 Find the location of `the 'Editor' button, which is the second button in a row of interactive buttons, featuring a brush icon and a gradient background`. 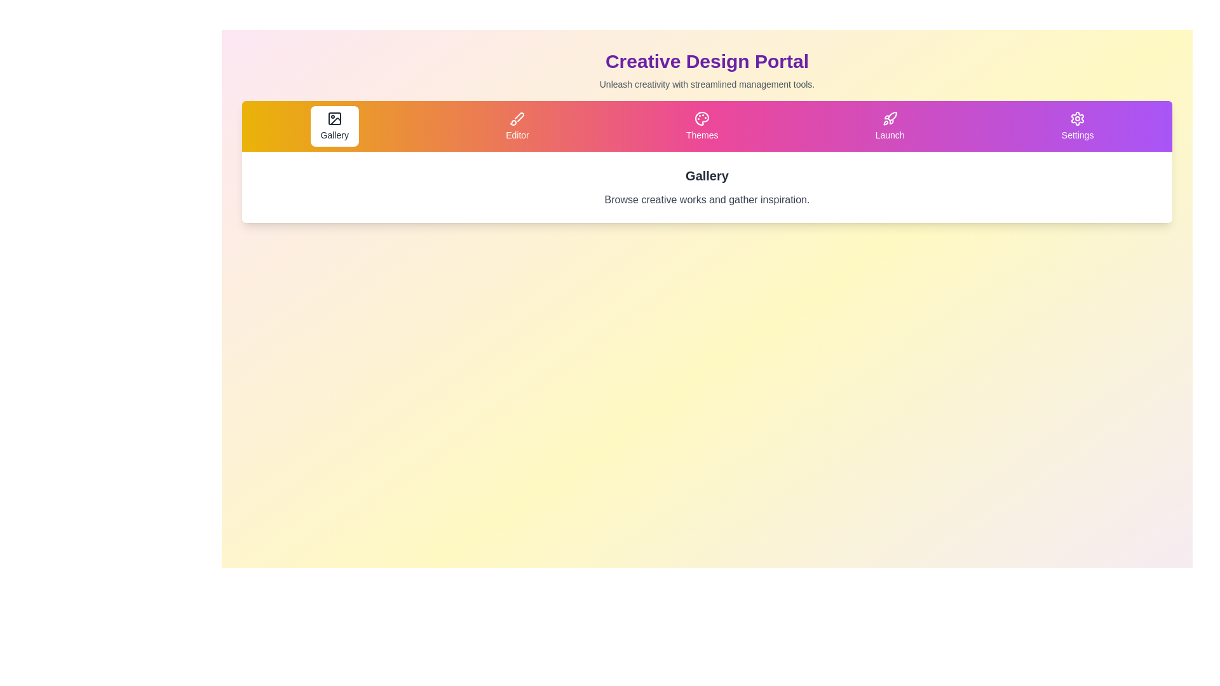

the 'Editor' button, which is the second button in a row of interactive buttons, featuring a brush icon and a gradient background is located at coordinates (517, 126).